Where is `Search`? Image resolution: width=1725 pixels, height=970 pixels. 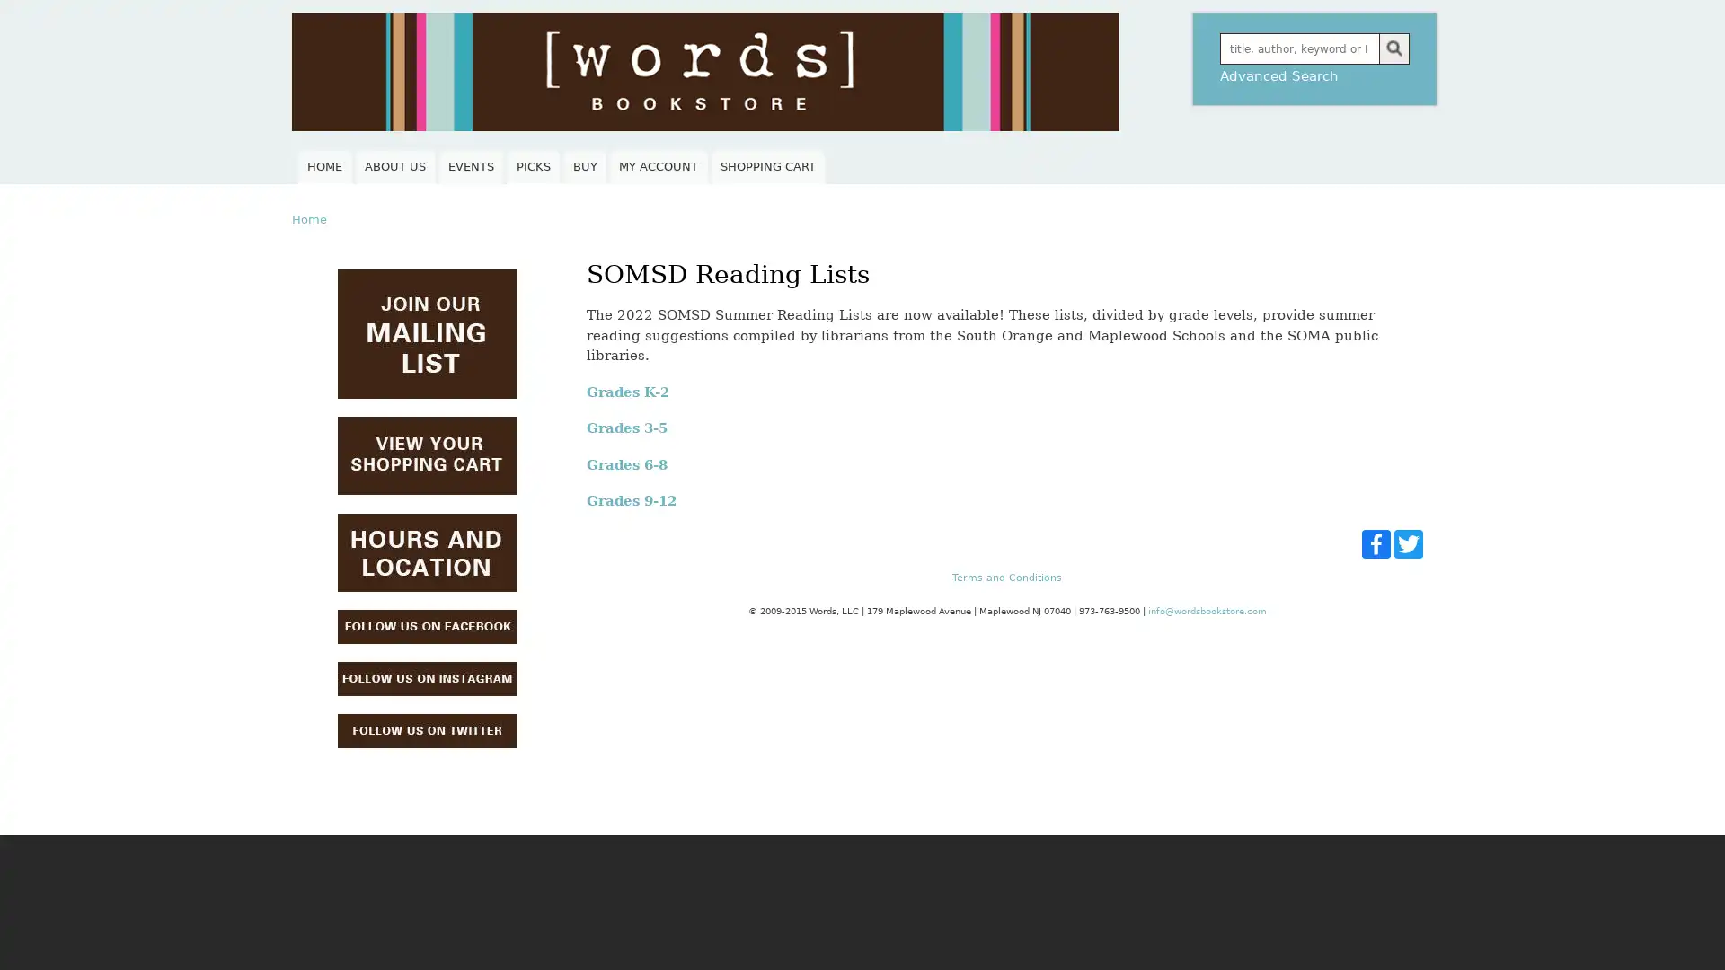 Search is located at coordinates (1393, 48).